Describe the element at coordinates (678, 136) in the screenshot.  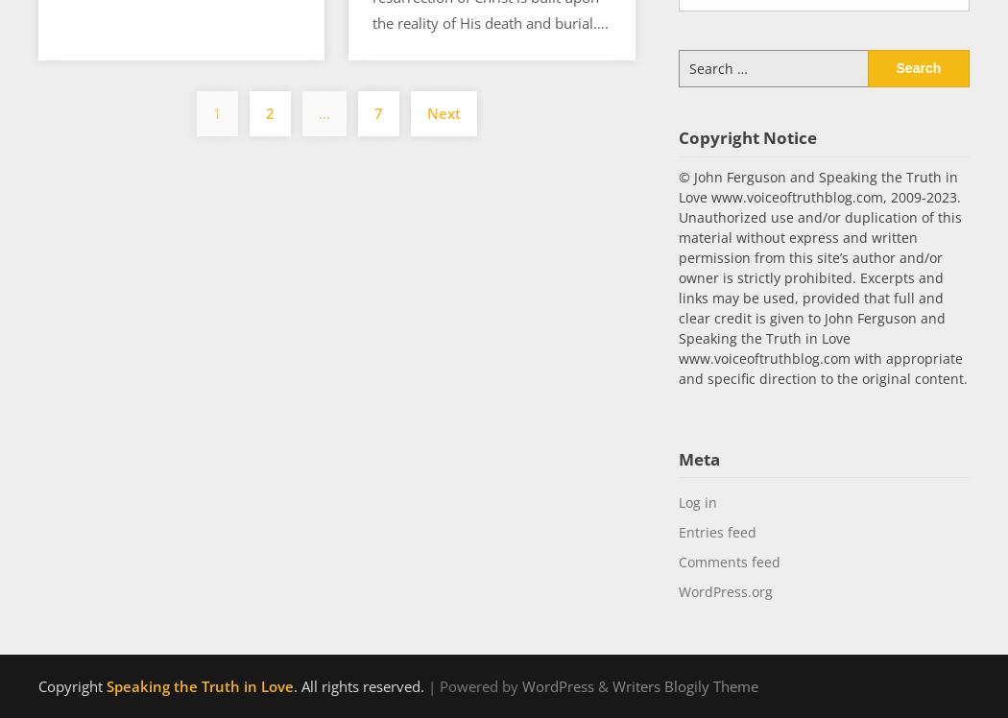
I see `'Copyright Notice'` at that location.